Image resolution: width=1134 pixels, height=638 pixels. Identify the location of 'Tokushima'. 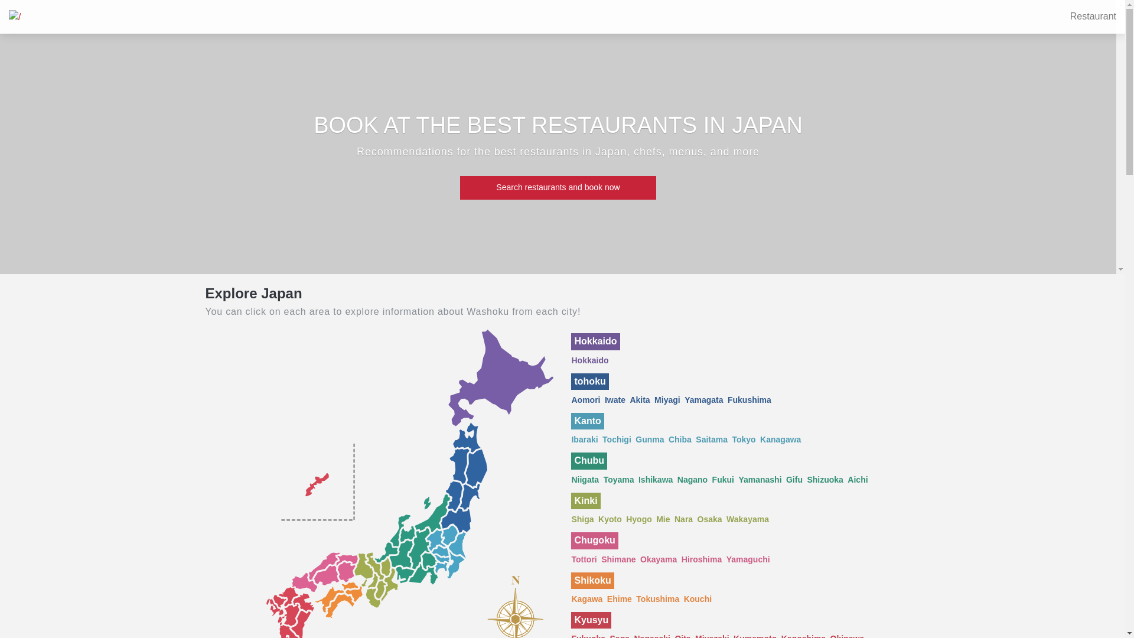
(657, 599).